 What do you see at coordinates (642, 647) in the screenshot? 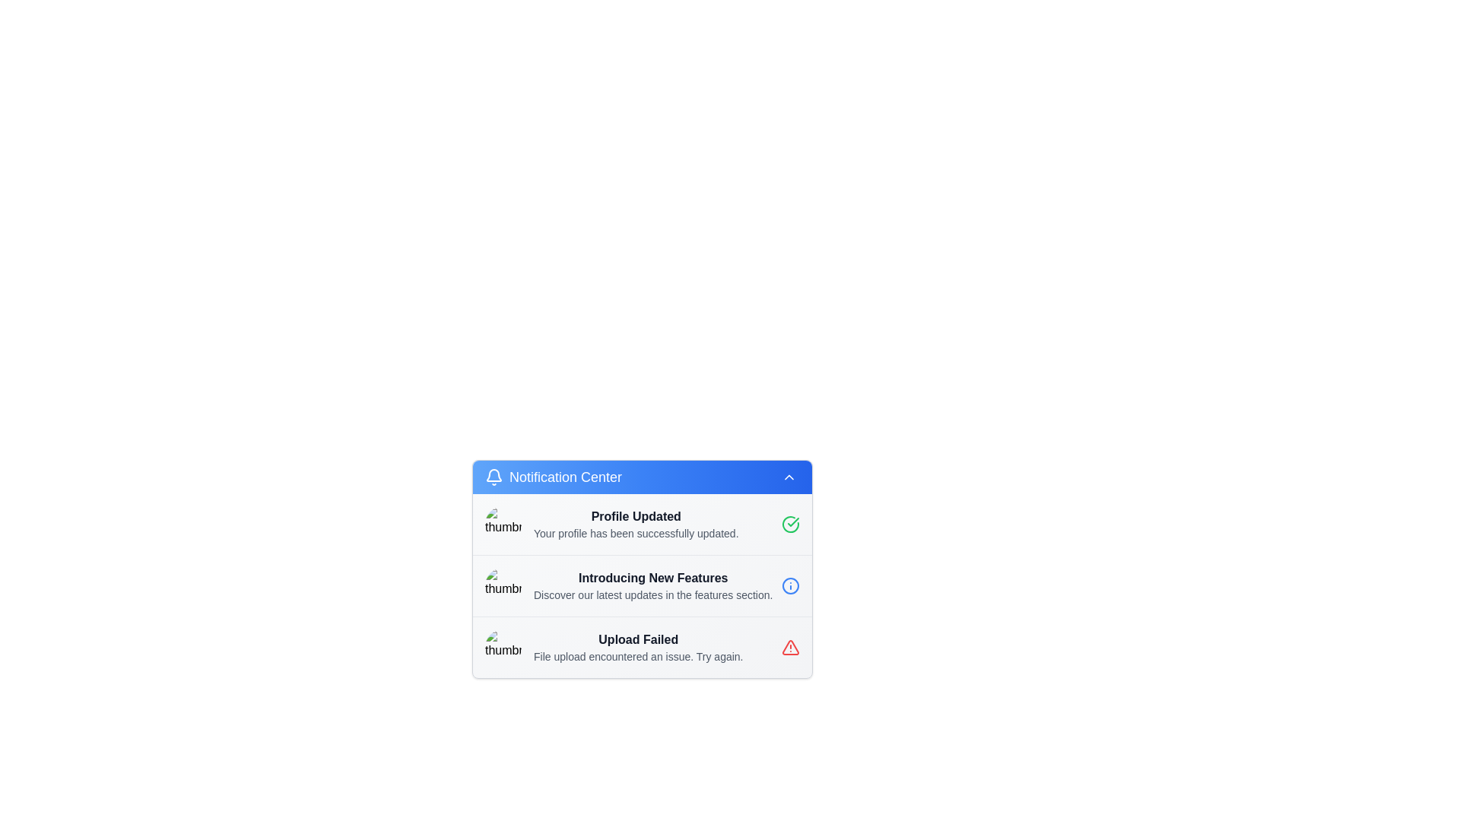
I see `the 'Upload Failed' notification banner, which includes a bold title and a description about the file upload issue` at bounding box center [642, 647].